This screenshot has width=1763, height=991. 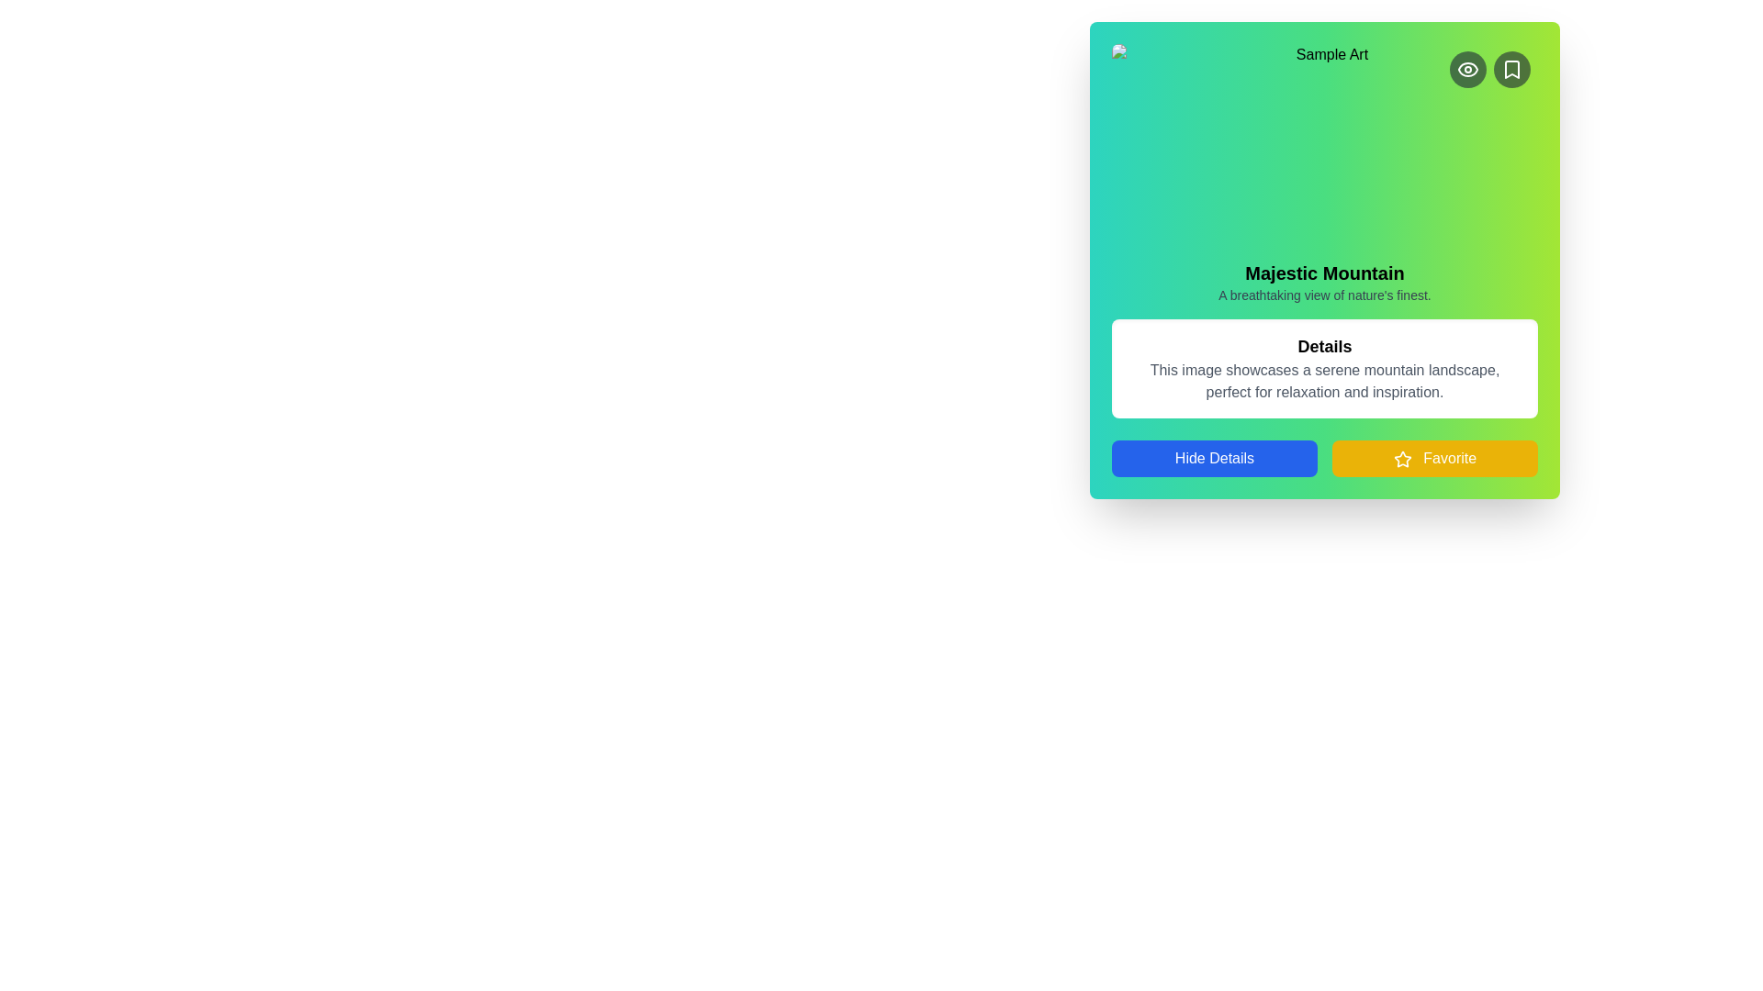 I want to click on the star icon that is positioned before the 'Favorite' text, which serves as a visual cue for its associated action, so click(x=1401, y=458).